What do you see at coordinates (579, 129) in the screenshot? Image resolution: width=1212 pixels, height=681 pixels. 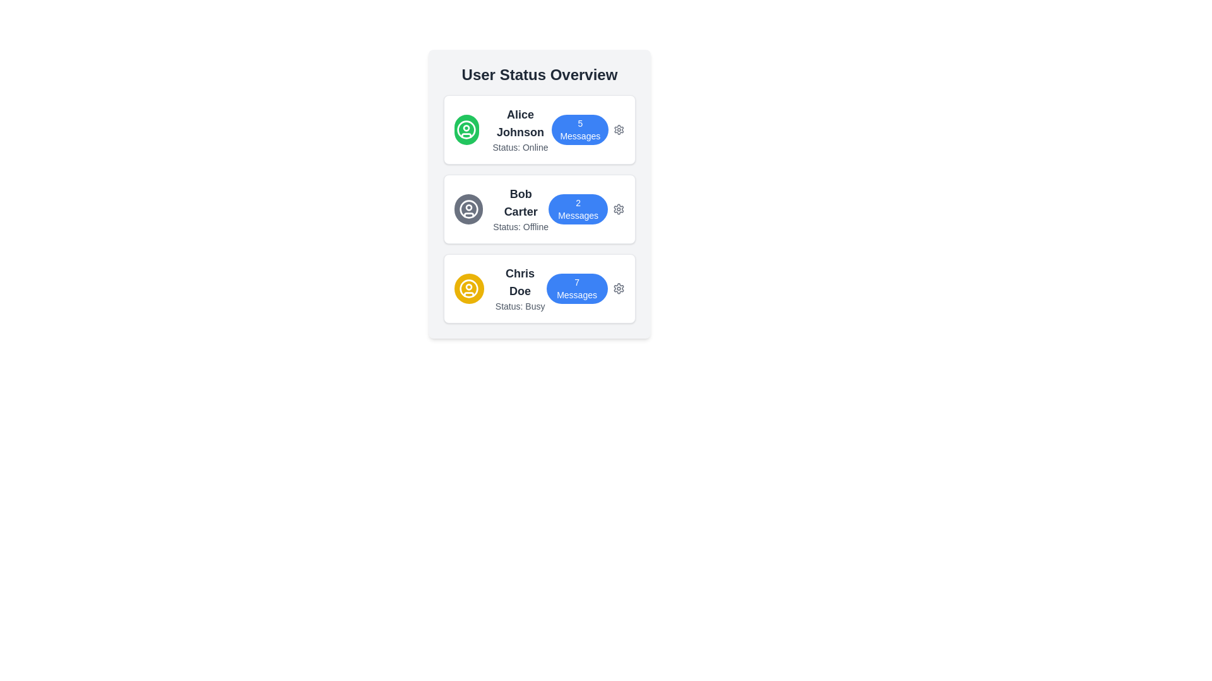 I see `the Notification badge labeled '5 Messages' which is a rounded button with a blue background located at the top-right of the card labeled 'Alice Johnson'` at bounding box center [579, 129].